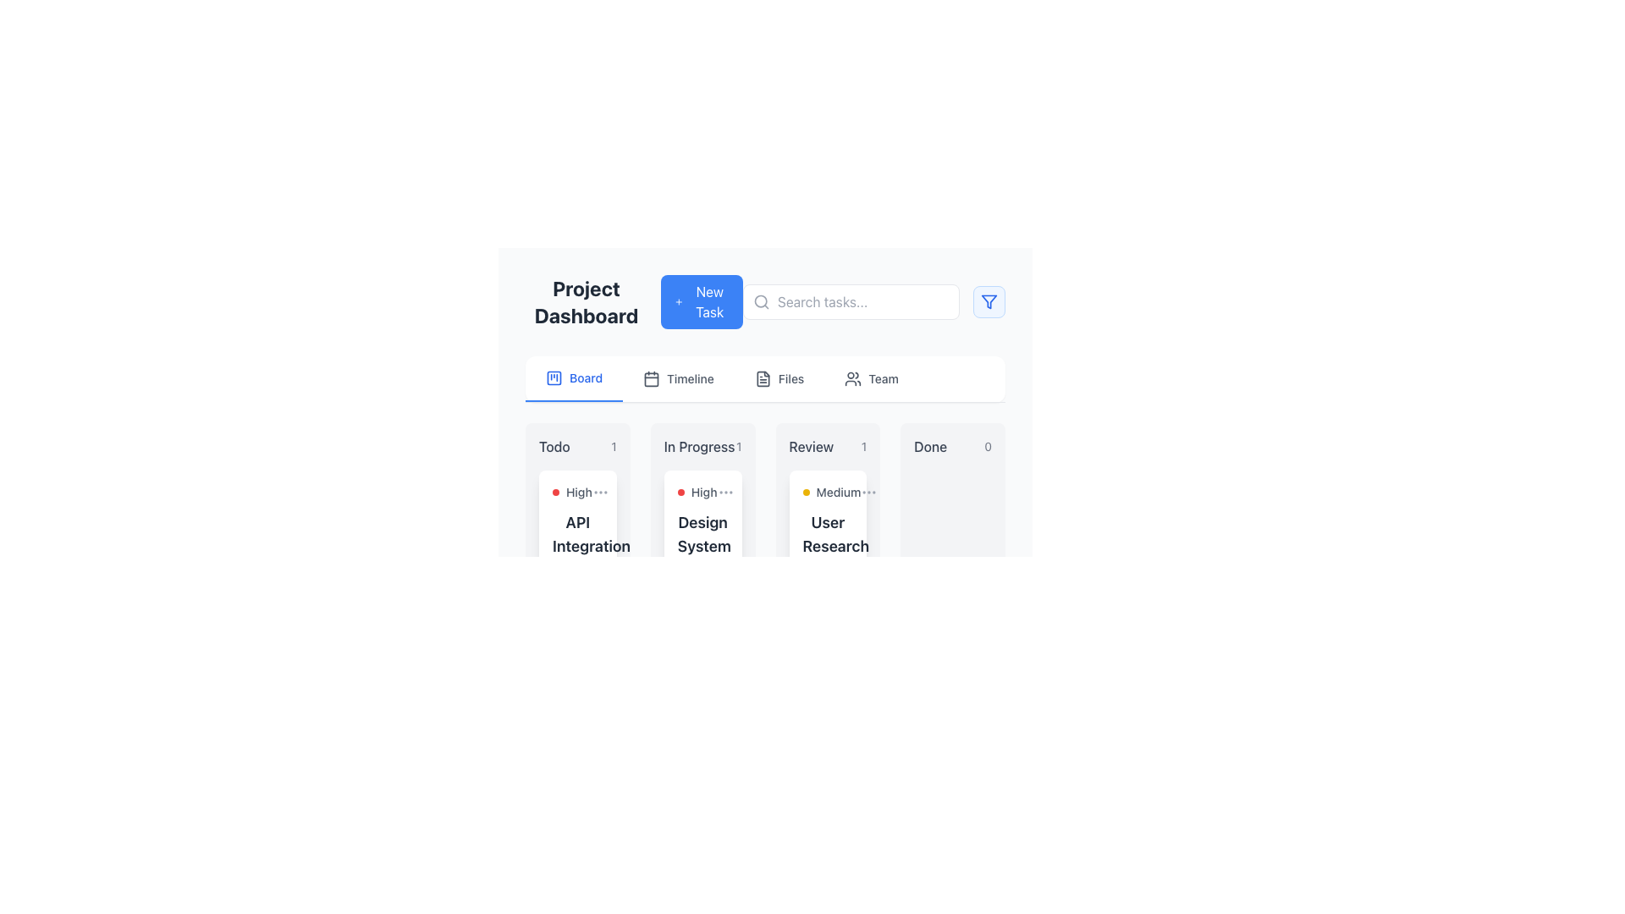  Describe the element at coordinates (613, 446) in the screenshot. I see `the static text element displaying the numeral '1', which is styled in a small font size and light gray color, located in the lower-right corner of the 'Todo' section` at that location.